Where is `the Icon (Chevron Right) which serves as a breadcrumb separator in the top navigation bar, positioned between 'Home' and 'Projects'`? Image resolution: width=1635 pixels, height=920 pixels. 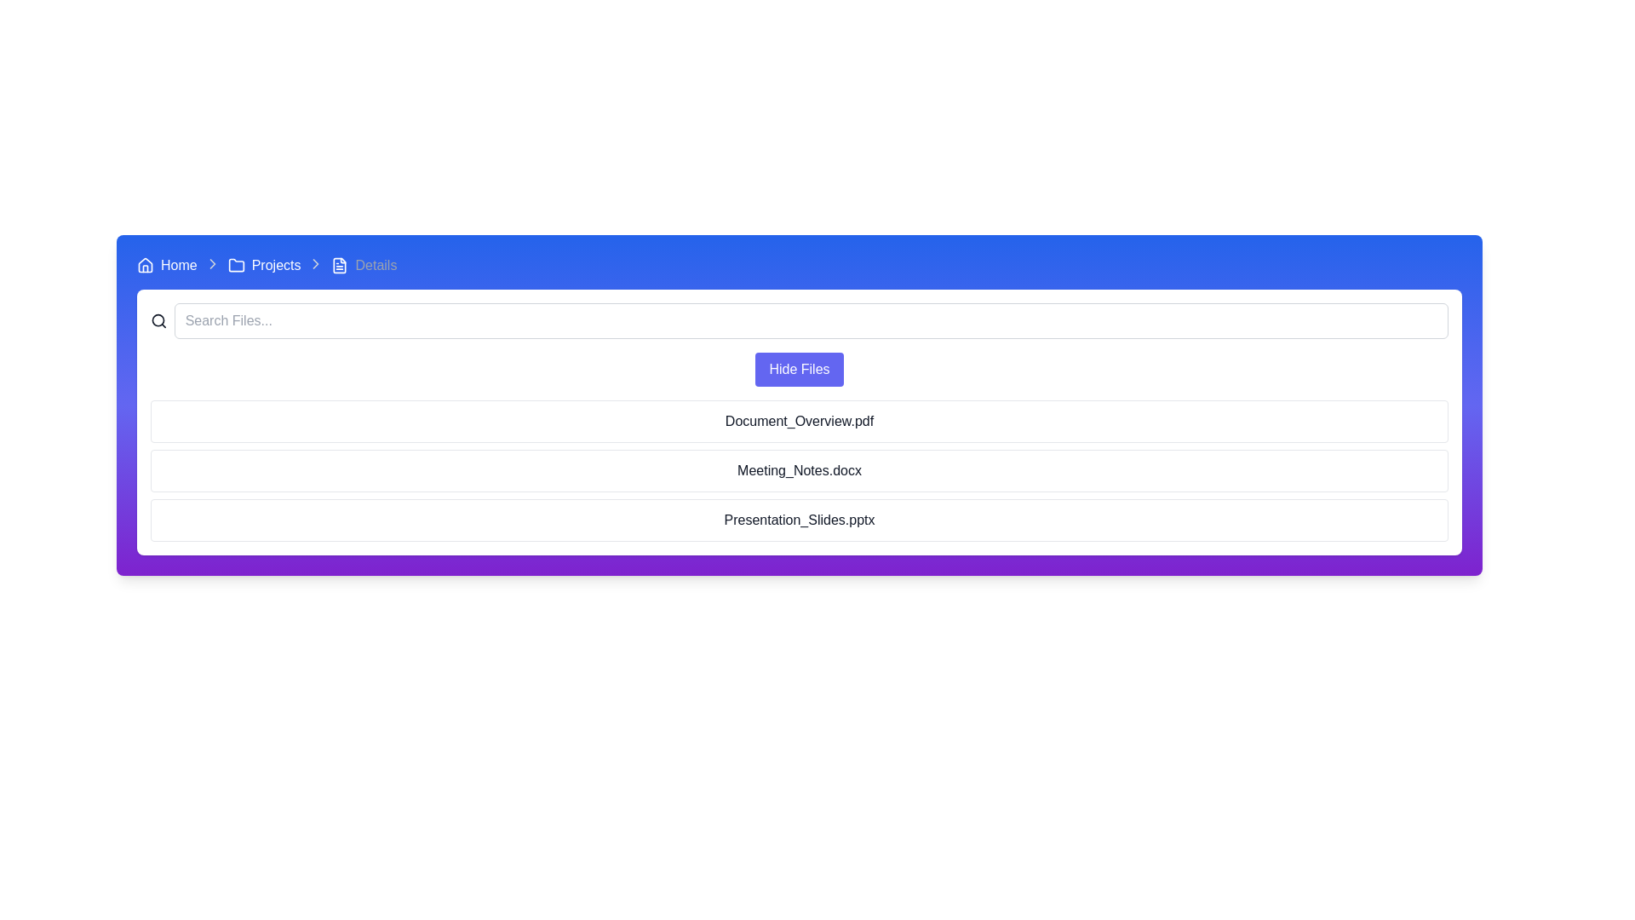 the Icon (Chevron Right) which serves as a breadcrumb separator in the top navigation bar, positioned between 'Home' and 'Projects' is located at coordinates (211, 263).